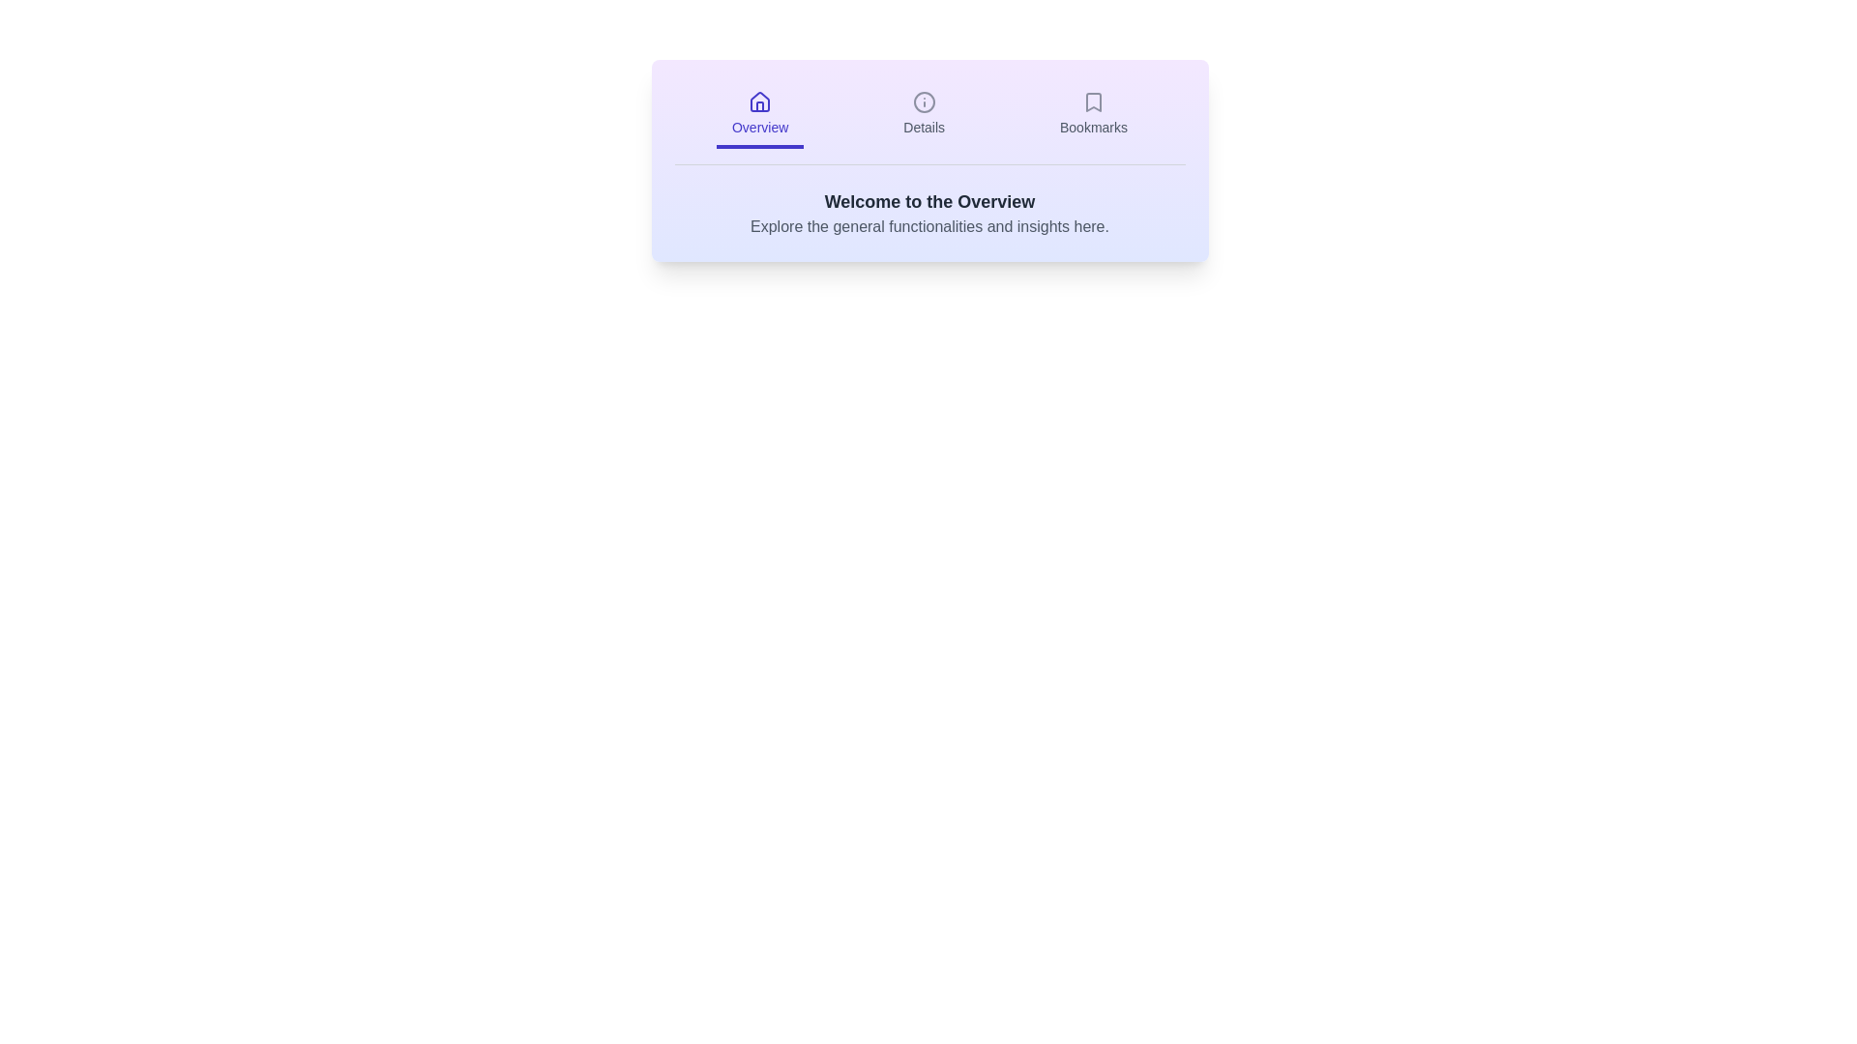 The height and width of the screenshot is (1044, 1857). I want to click on the text label displaying 'Bookmarks', so click(1094, 127).